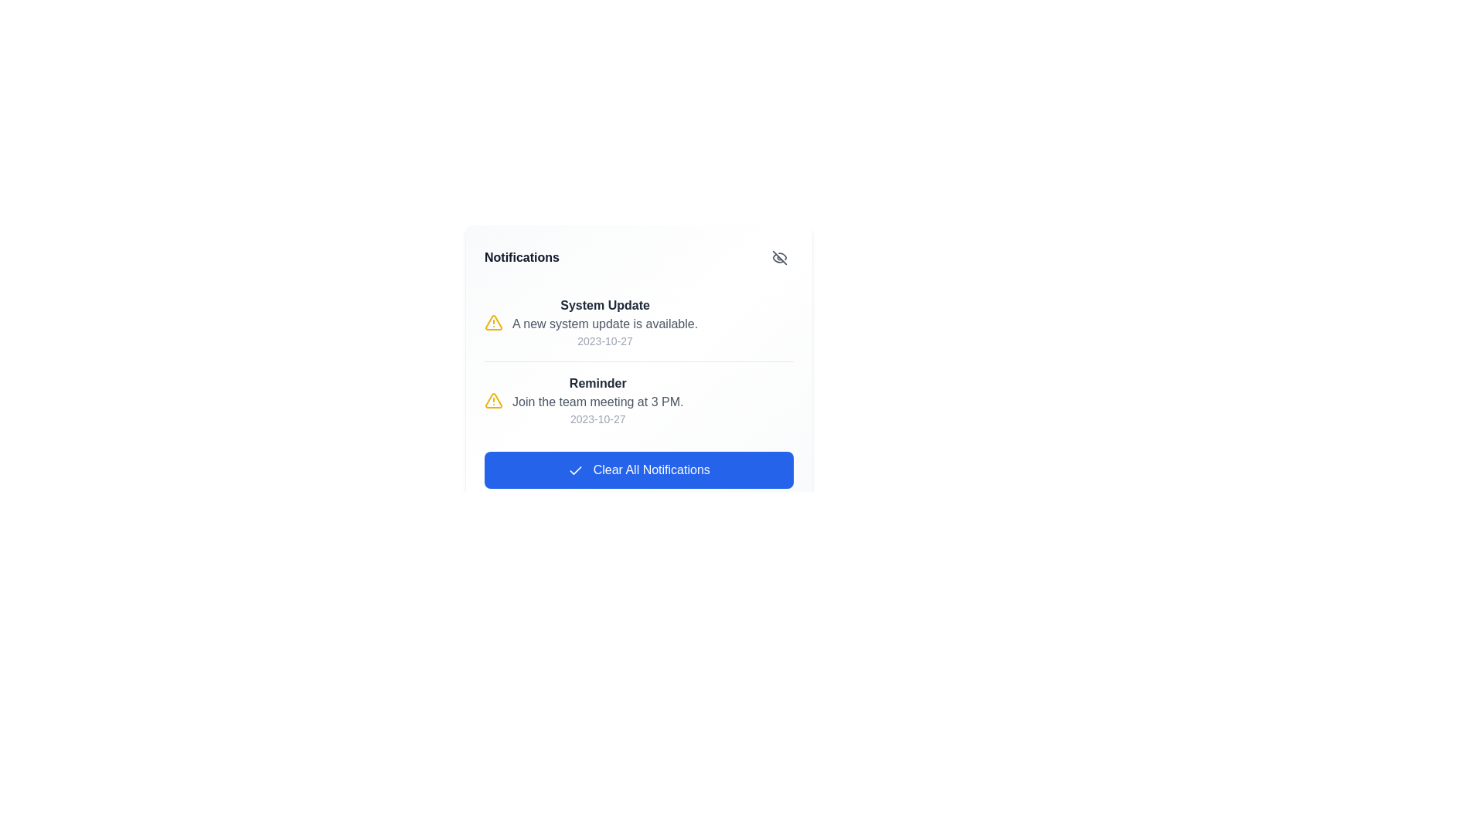 The image size is (1484, 834). Describe the element at coordinates (779, 257) in the screenshot. I see `the toggle icon button at the top-right corner of the notification interface` at that location.